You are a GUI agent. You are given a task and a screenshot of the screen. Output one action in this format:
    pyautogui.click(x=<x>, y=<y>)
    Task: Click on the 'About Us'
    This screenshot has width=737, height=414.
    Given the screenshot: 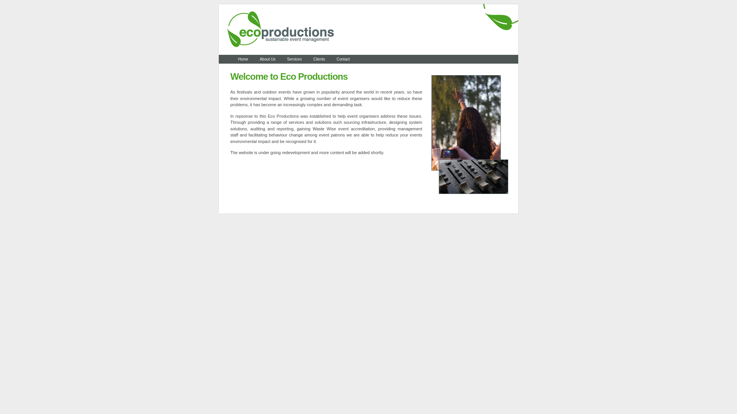 What is the action you would take?
    pyautogui.click(x=268, y=59)
    